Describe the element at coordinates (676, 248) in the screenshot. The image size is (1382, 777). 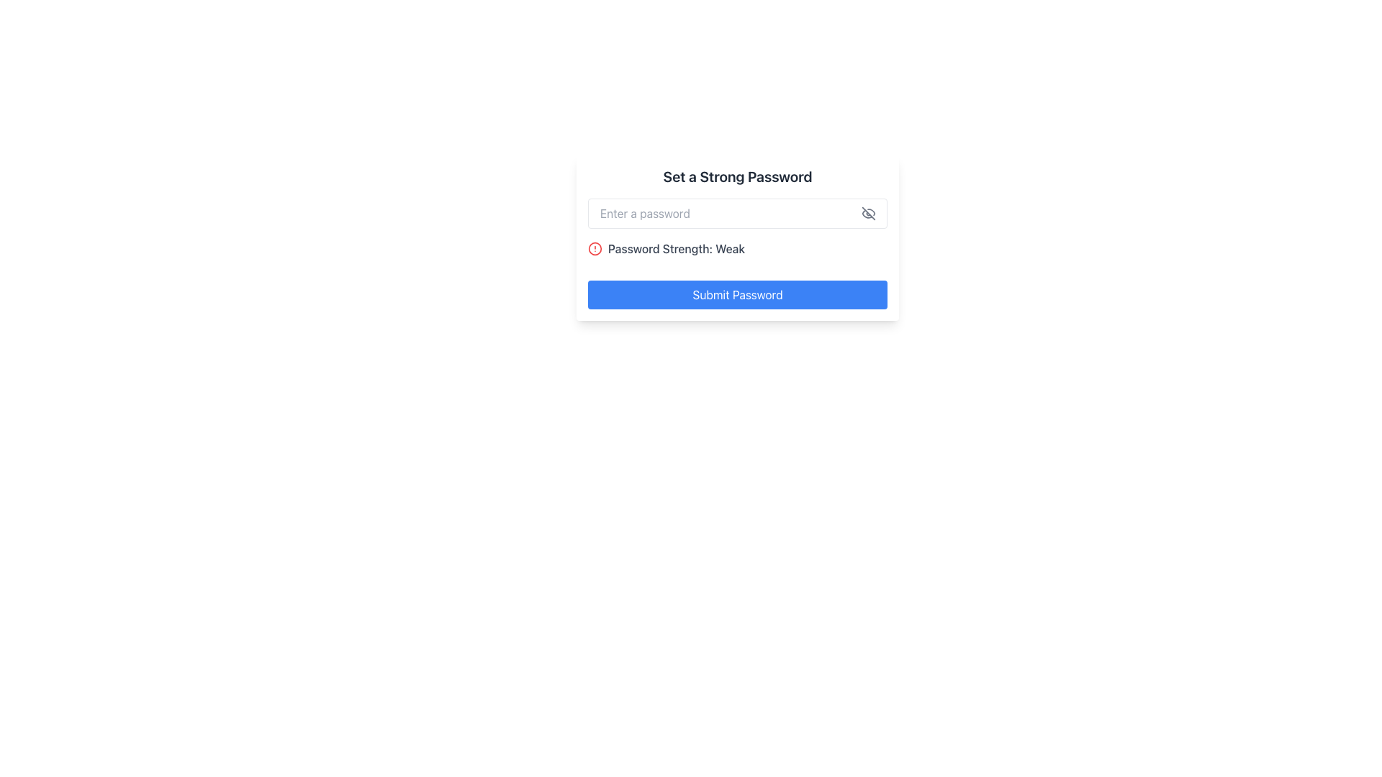
I see `the text label that reads 'Password Strength: Weak'` at that location.